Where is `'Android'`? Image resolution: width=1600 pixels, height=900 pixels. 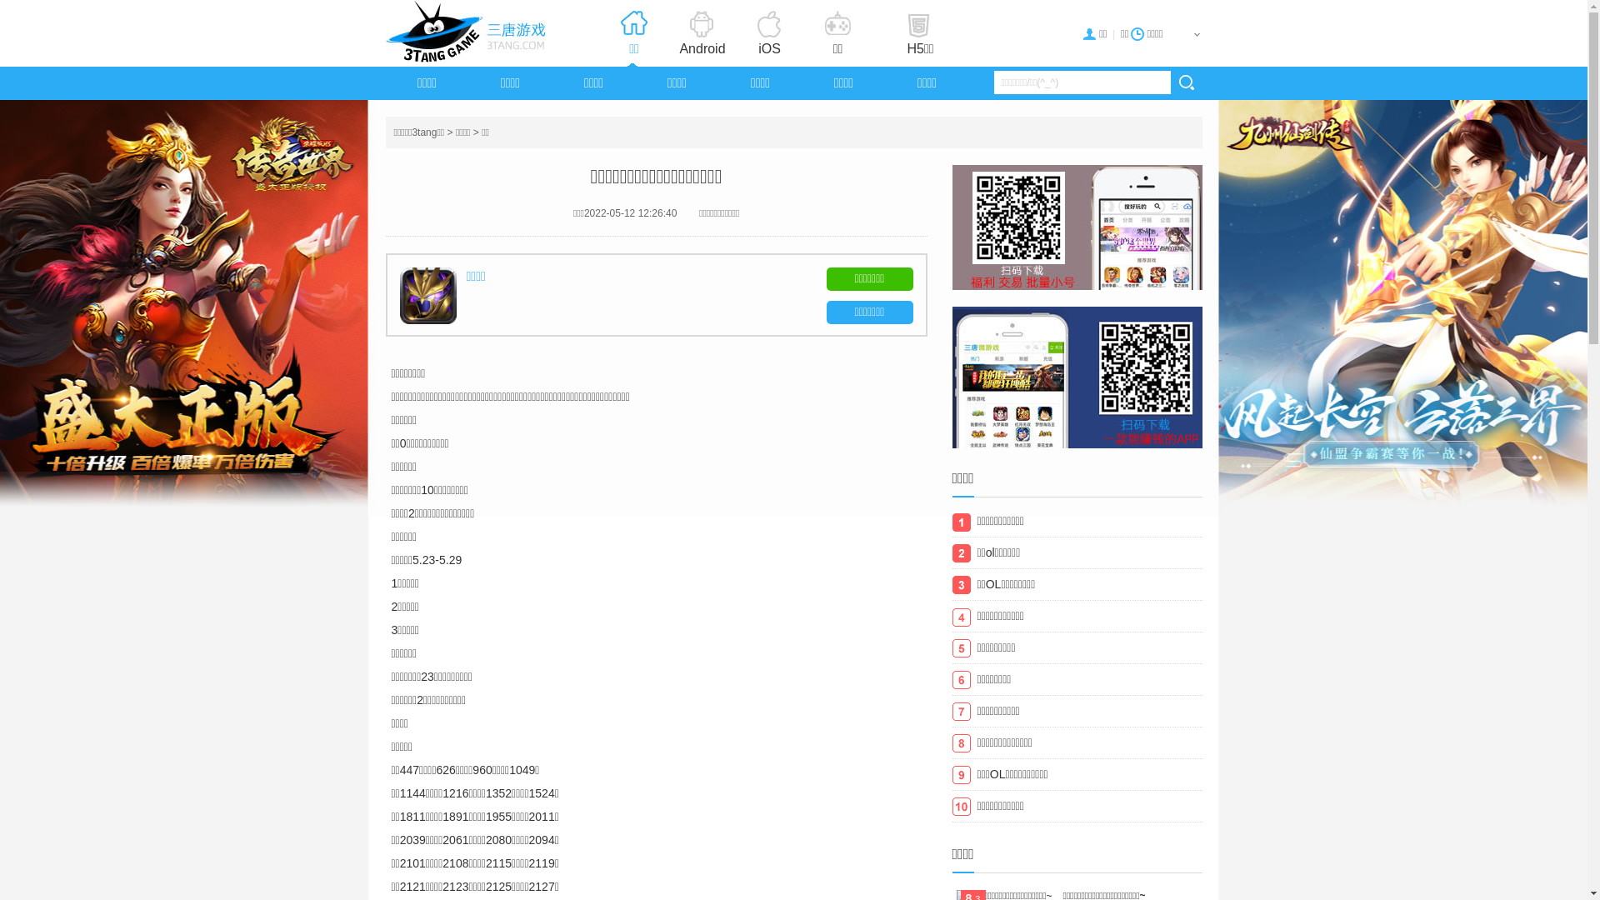 'Android' is located at coordinates (702, 34).